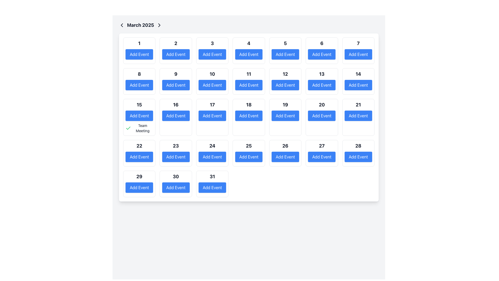 The height and width of the screenshot is (281, 499). I want to click on the 'Add Event' button located within the bordered component for day 13 in the calendar grid, so click(321, 81).